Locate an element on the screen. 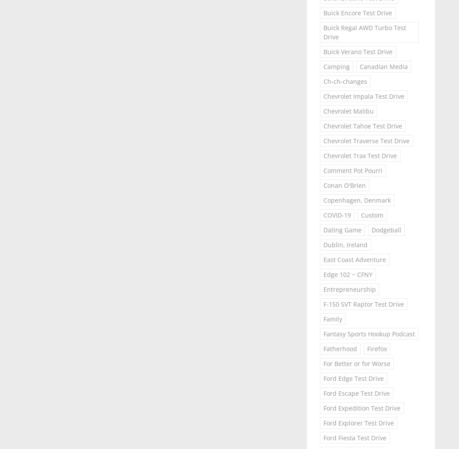  'Ch-ch-changes' is located at coordinates (322, 81).